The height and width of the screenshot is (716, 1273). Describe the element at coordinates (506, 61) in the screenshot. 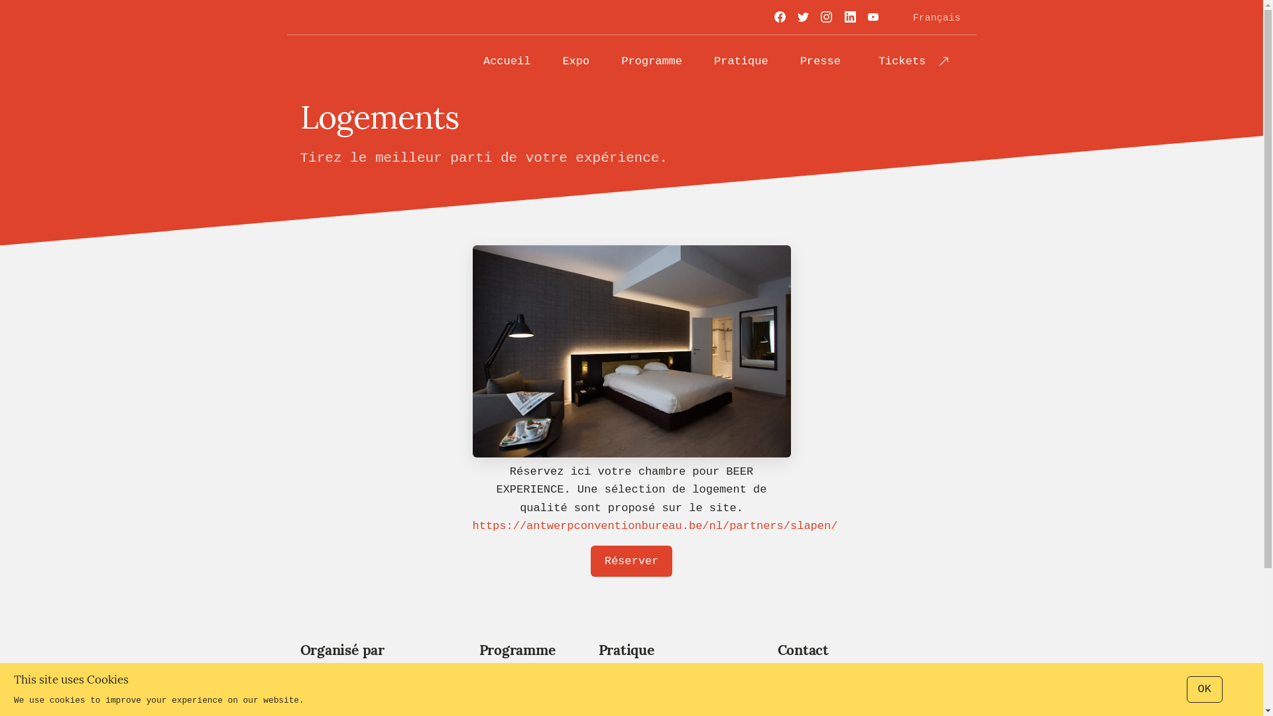

I see `'Accueil'` at that location.